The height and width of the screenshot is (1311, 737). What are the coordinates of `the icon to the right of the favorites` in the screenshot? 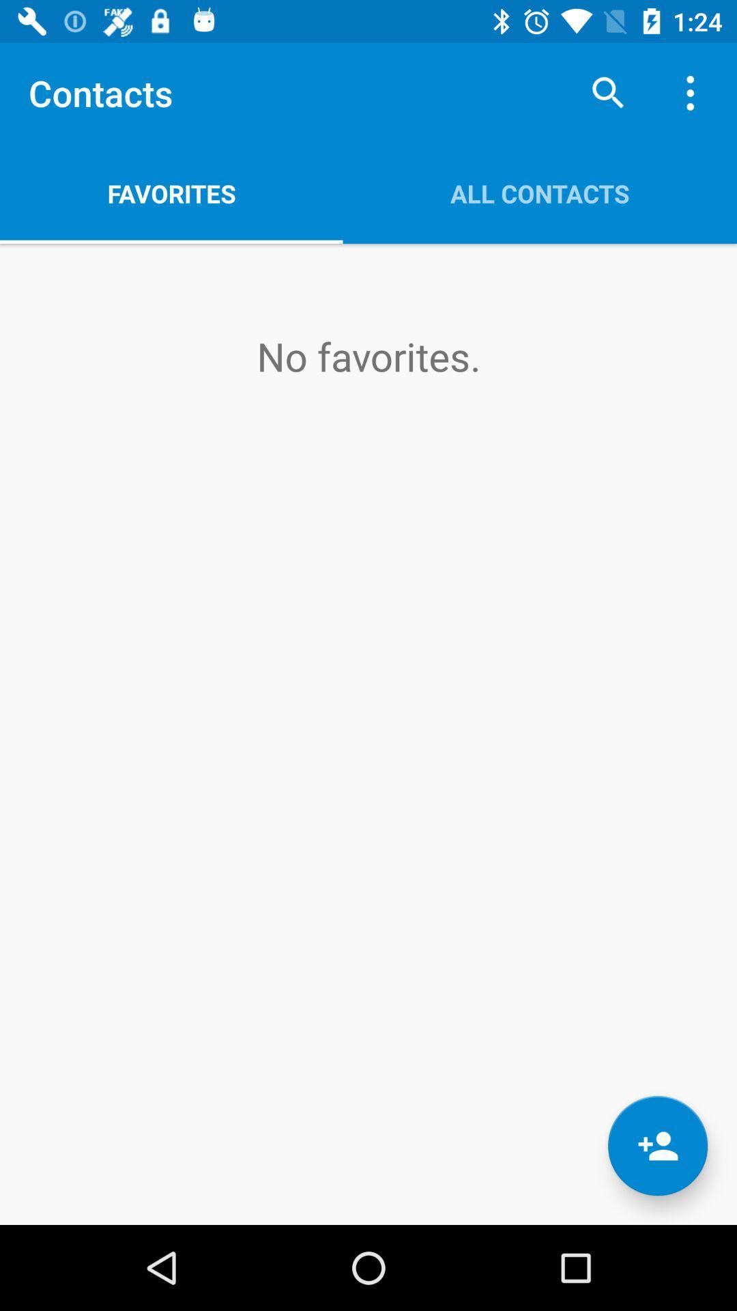 It's located at (607, 92).